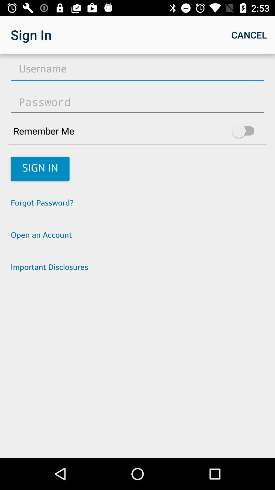 The width and height of the screenshot is (275, 490). I want to click on the item above open an account, so click(137, 203).